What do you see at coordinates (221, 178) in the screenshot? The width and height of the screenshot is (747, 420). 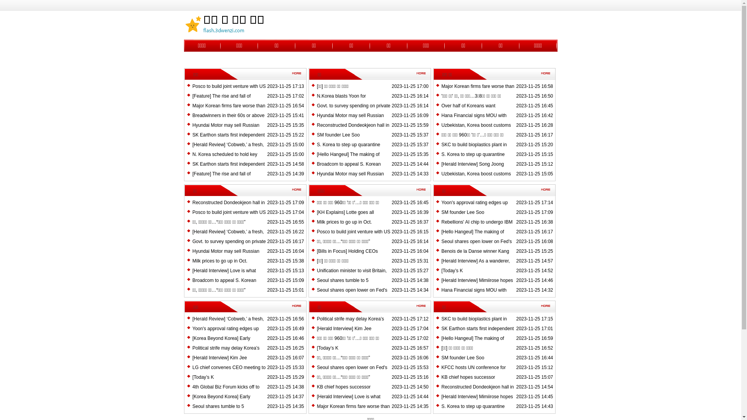 I see `'[Feature] The rise and fall of terrestrial TV dramas'` at bounding box center [221, 178].